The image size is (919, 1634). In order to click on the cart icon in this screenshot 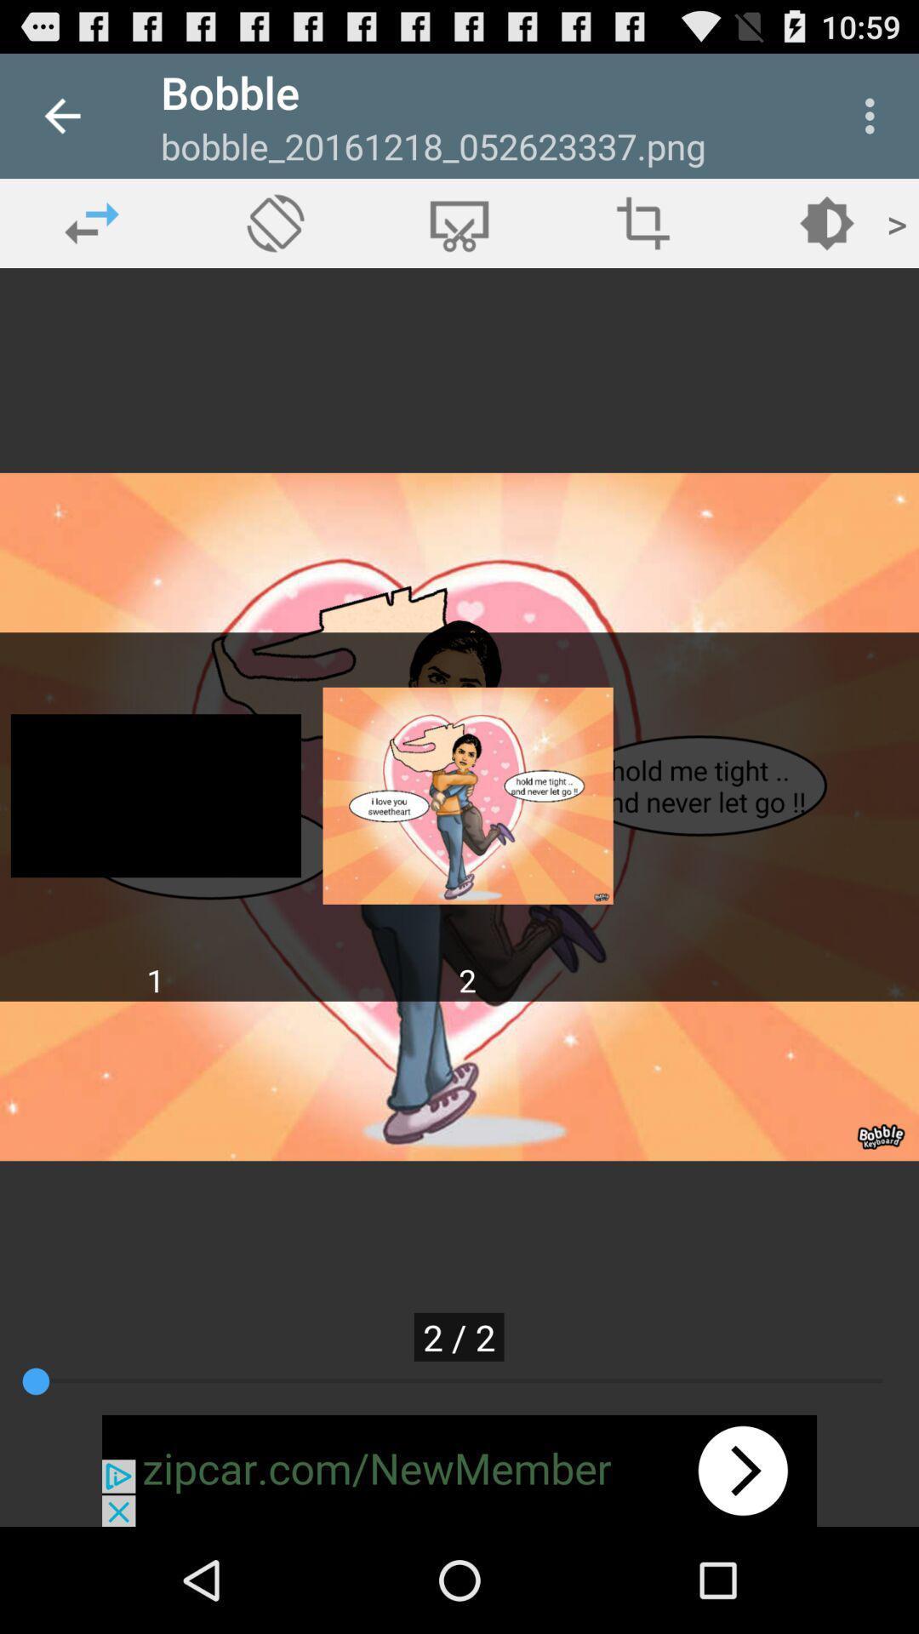, I will do `click(459, 222)`.